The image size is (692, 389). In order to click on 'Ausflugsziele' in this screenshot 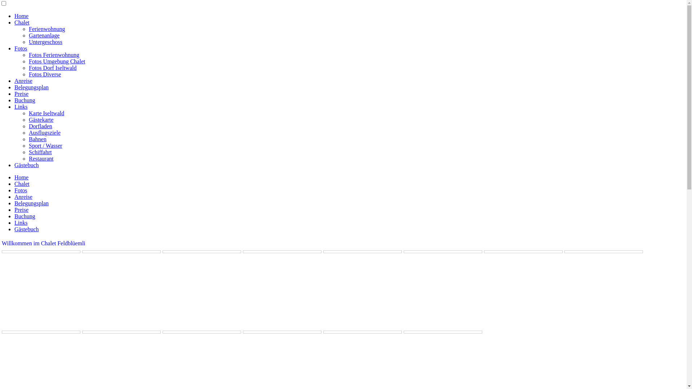, I will do `click(44, 133)`.